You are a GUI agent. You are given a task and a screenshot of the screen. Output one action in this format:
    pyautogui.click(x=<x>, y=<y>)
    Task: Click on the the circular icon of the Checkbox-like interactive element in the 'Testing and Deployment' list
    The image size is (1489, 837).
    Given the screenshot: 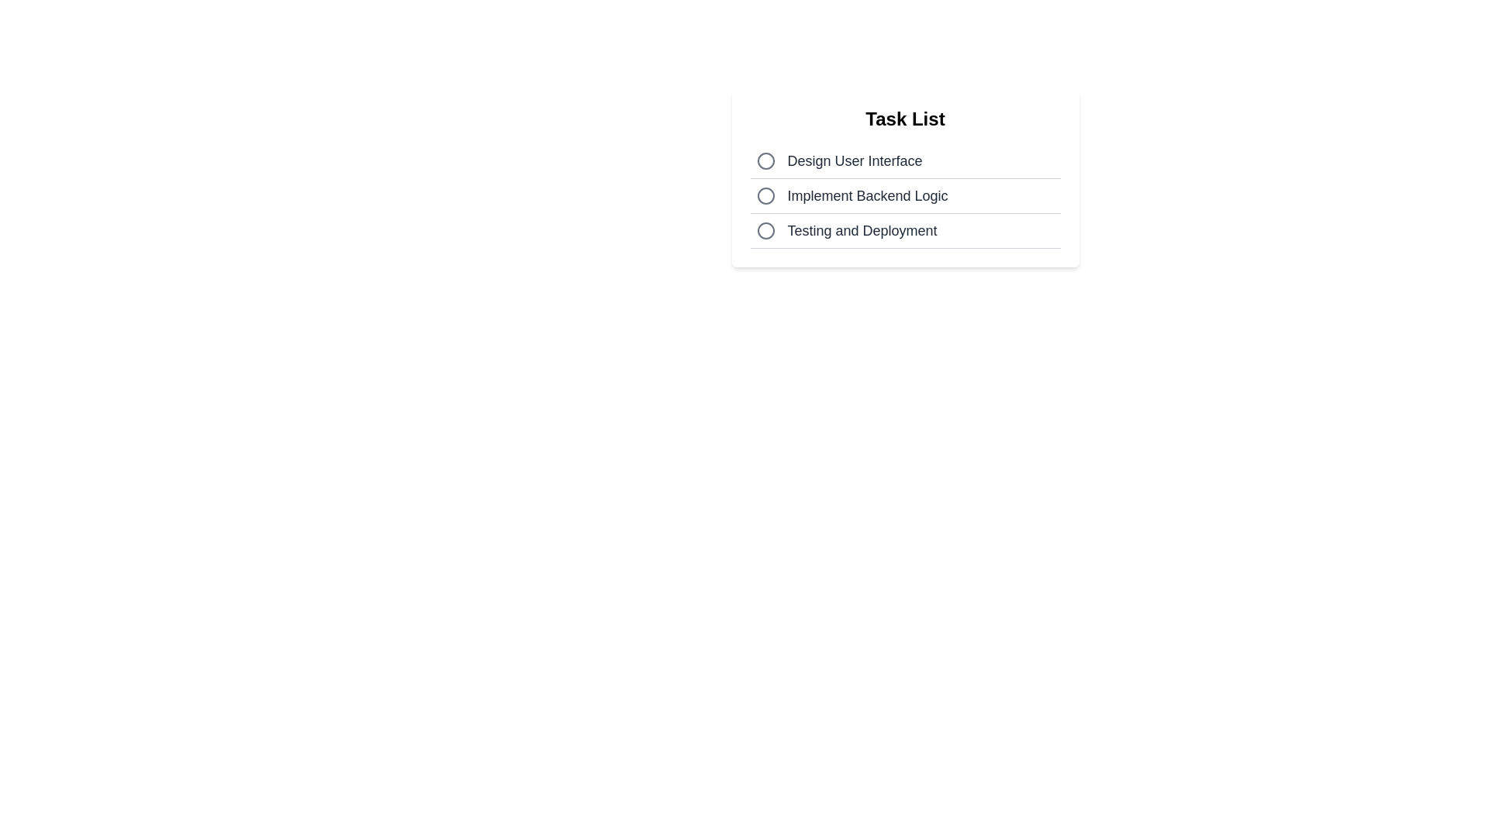 What is the action you would take?
    pyautogui.click(x=765, y=230)
    